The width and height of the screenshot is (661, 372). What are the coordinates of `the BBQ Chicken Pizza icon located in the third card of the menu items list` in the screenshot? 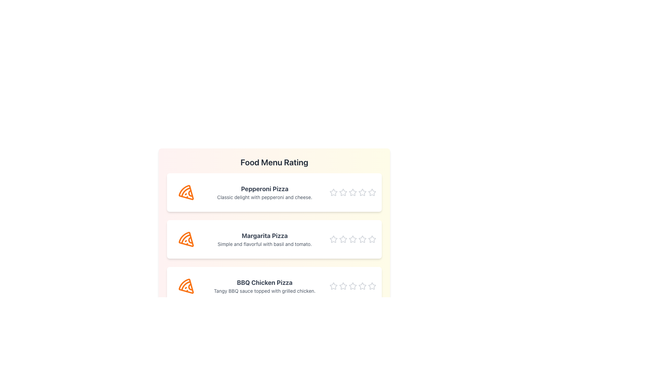 It's located at (186, 286).